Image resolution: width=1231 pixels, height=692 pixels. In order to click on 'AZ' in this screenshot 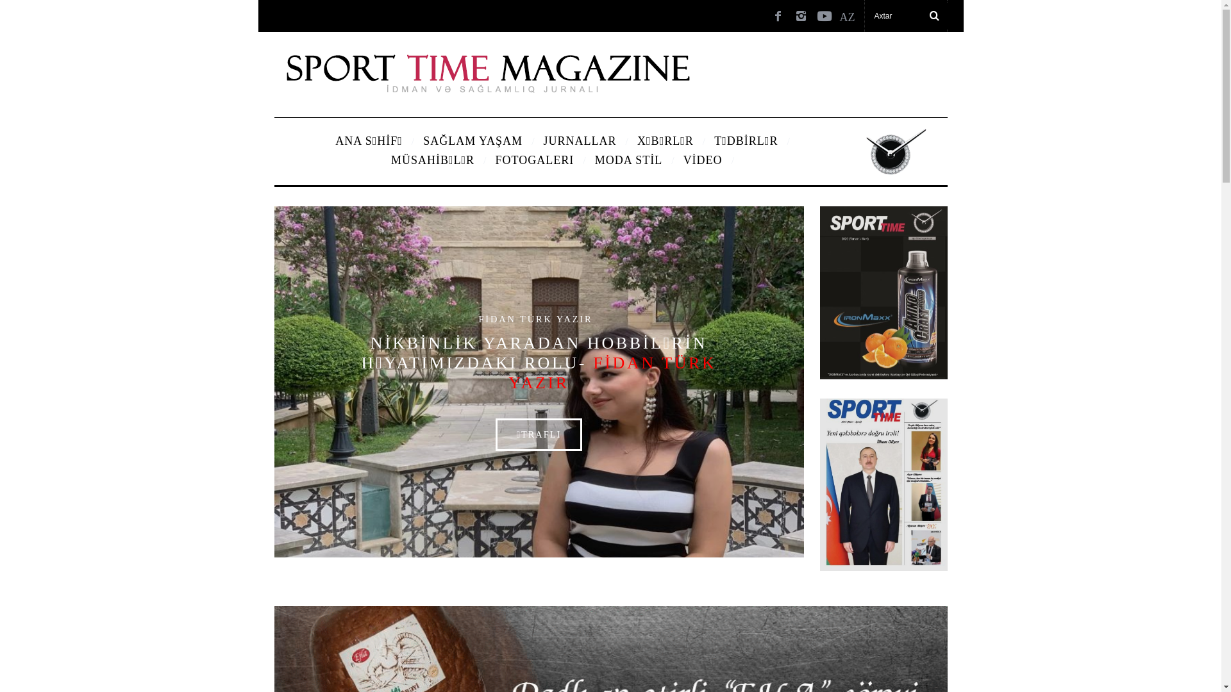, I will do `click(847, 14)`.